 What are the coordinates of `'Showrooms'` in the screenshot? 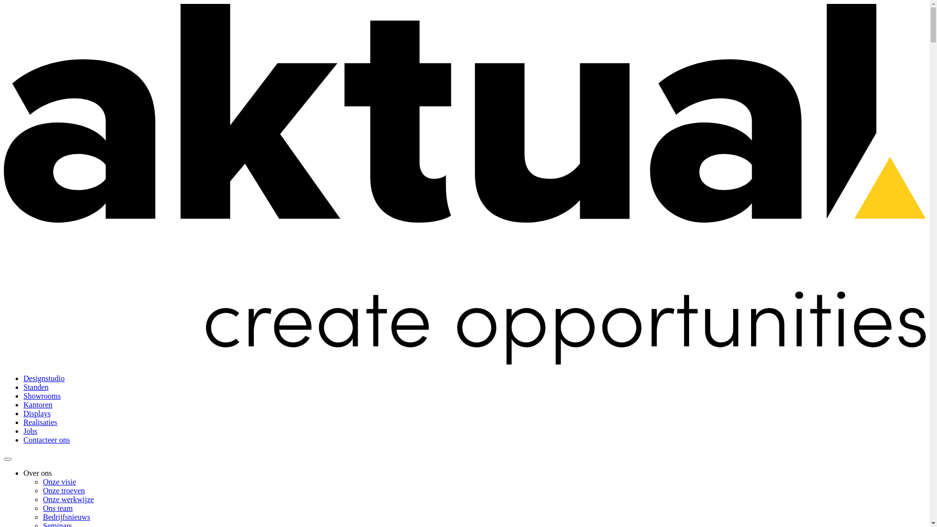 It's located at (41, 396).